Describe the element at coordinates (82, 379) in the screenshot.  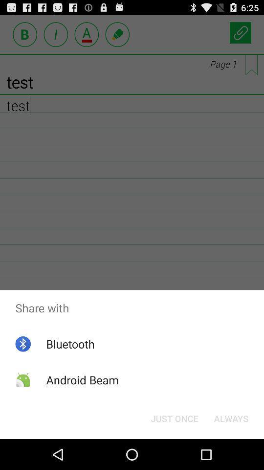
I see `the icon below bluetooth item` at that location.